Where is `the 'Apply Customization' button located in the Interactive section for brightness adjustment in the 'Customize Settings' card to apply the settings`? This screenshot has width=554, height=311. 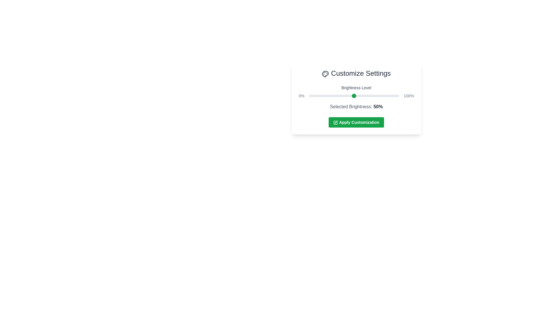
the 'Apply Customization' button located in the Interactive section for brightness adjustment in the 'Customize Settings' card to apply the settings is located at coordinates (356, 106).